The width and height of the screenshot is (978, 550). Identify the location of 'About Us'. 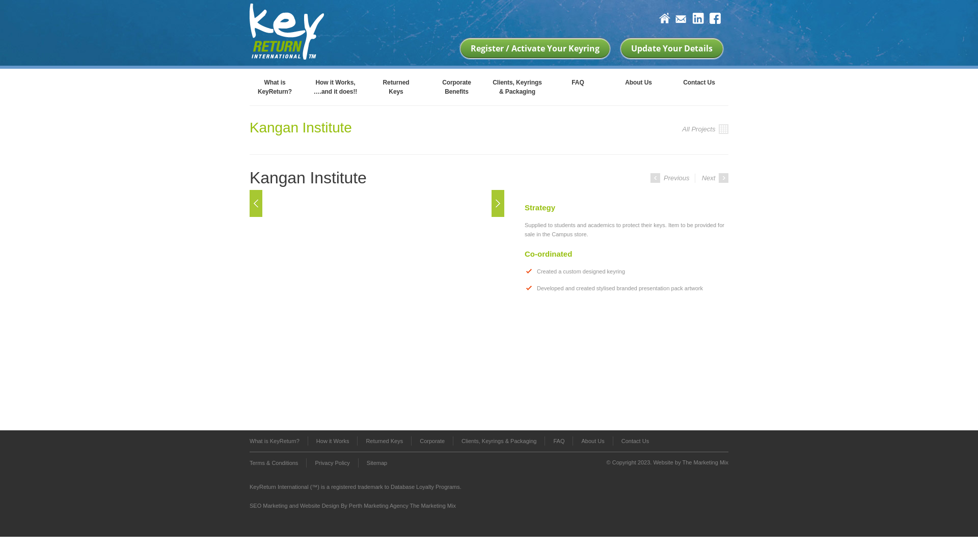
(638, 85).